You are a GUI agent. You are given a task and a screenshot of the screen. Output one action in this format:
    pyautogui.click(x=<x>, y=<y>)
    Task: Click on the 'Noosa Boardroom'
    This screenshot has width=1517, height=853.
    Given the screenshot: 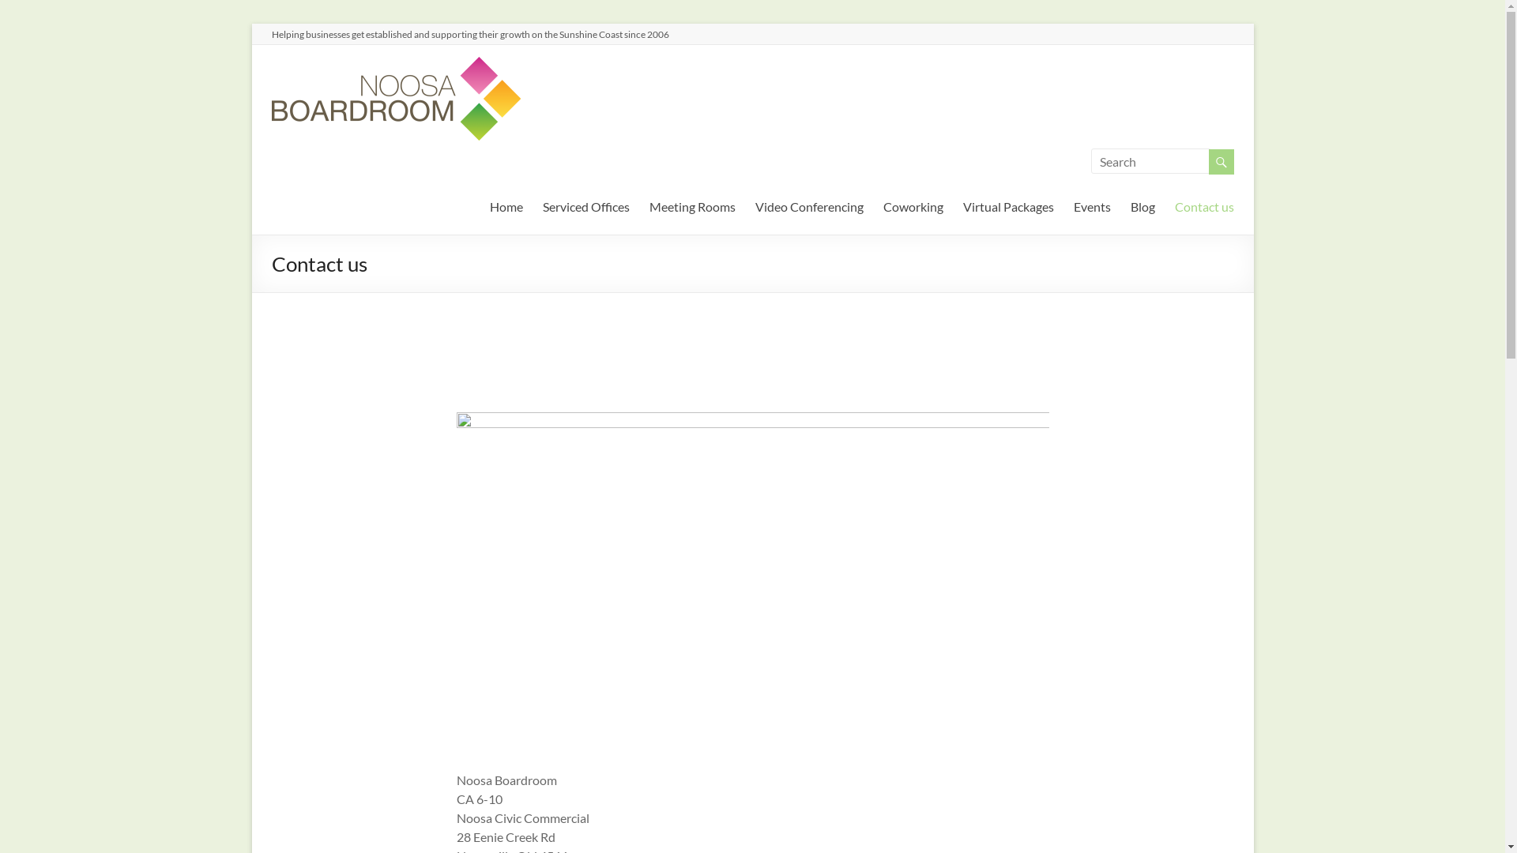 What is the action you would take?
    pyautogui.click(x=272, y=63)
    